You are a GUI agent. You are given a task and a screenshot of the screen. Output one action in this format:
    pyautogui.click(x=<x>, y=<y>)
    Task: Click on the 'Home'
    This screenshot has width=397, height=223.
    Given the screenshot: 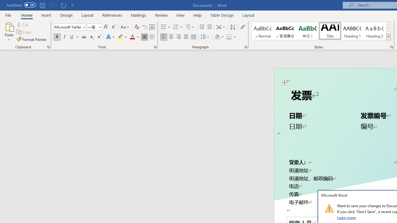 What is the action you would take?
    pyautogui.click(x=26, y=15)
    